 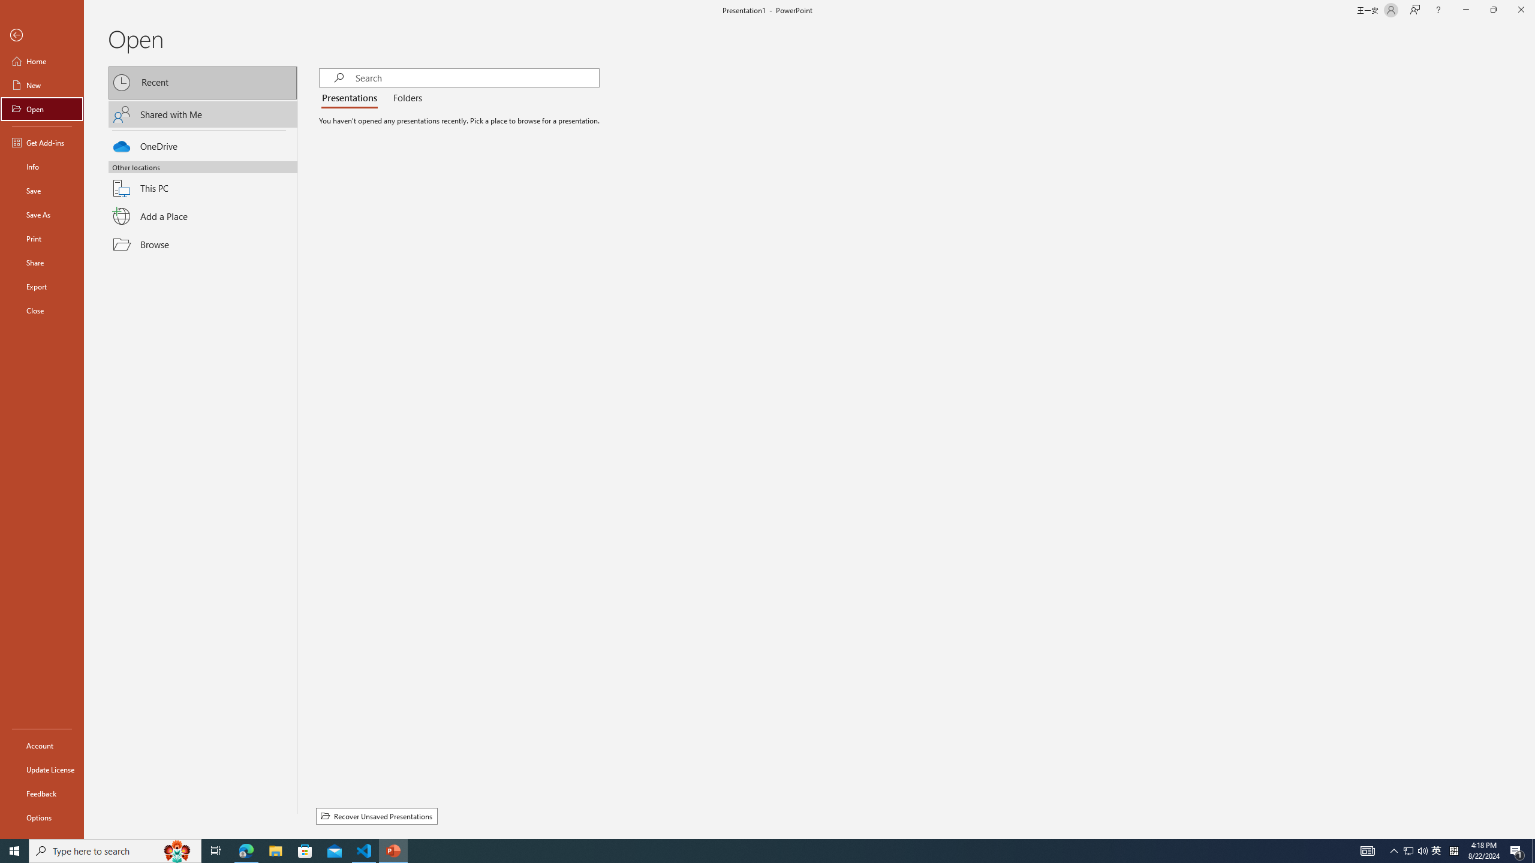 What do you see at coordinates (41, 769) in the screenshot?
I see `'Update License'` at bounding box center [41, 769].